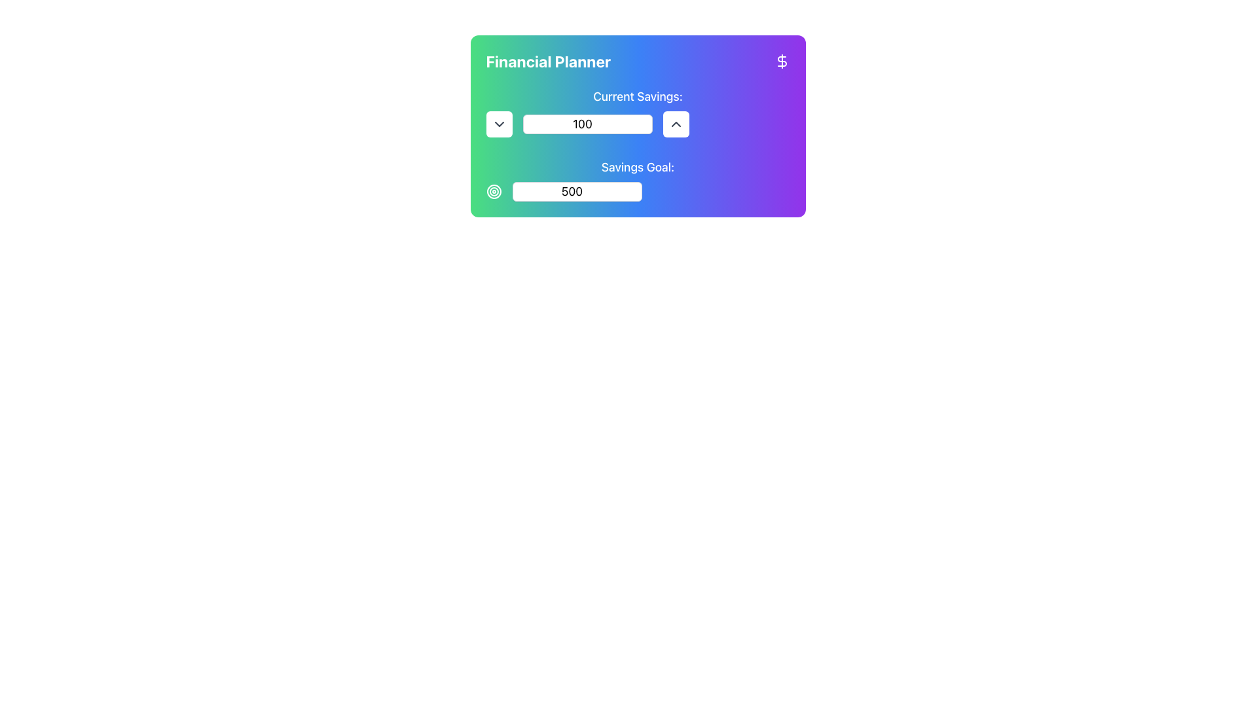 The width and height of the screenshot is (1257, 707). What do you see at coordinates (676, 124) in the screenshot?
I see `the button with a white background and an upward-pointing gray chevron icon, located to the right of the number input box in the 'Financial Planner' layout, to increase the numeric value` at bounding box center [676, 124].